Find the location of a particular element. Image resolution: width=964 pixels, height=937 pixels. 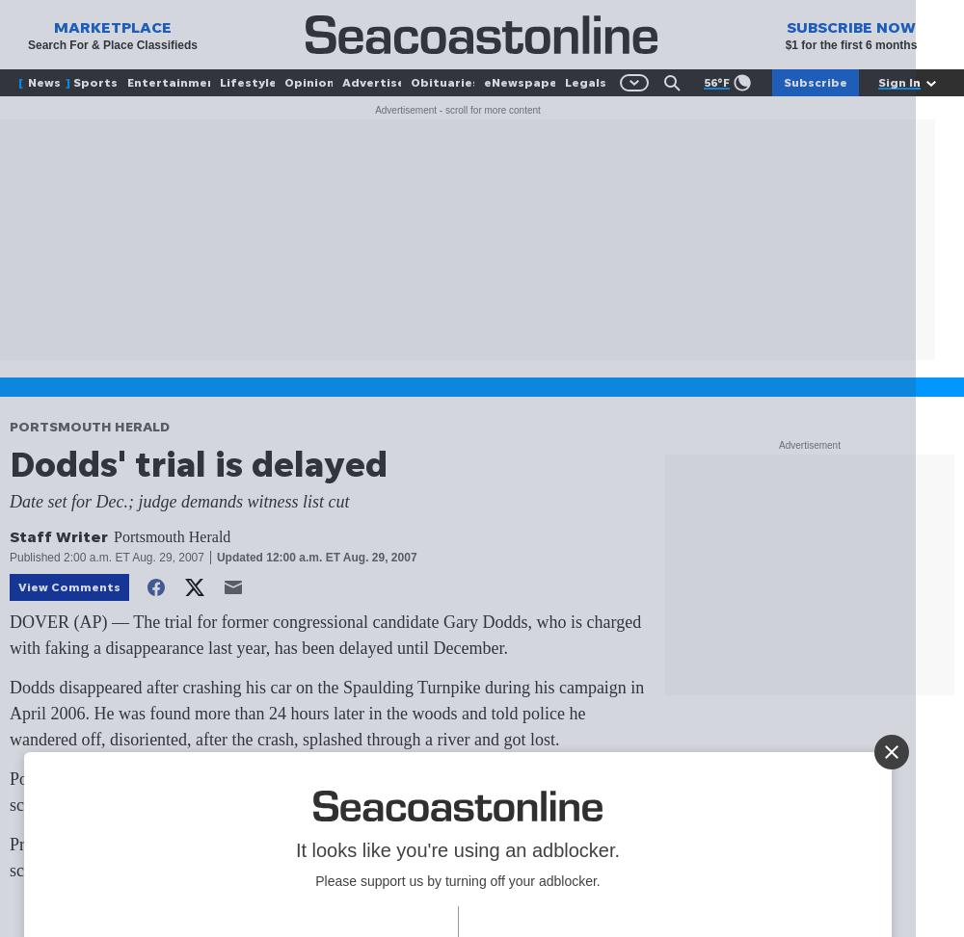

'Legals' is located at coordinates (564, 81).